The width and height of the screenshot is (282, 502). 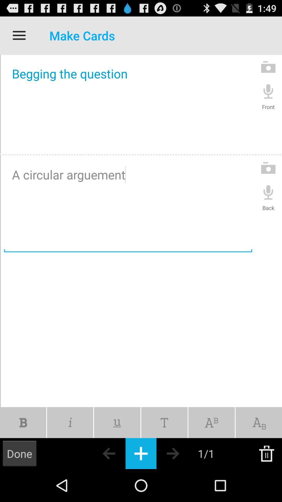 What do you see at coordinates (141, 453) in the screenshot?
I see `element` at bounding box center [141, 453].